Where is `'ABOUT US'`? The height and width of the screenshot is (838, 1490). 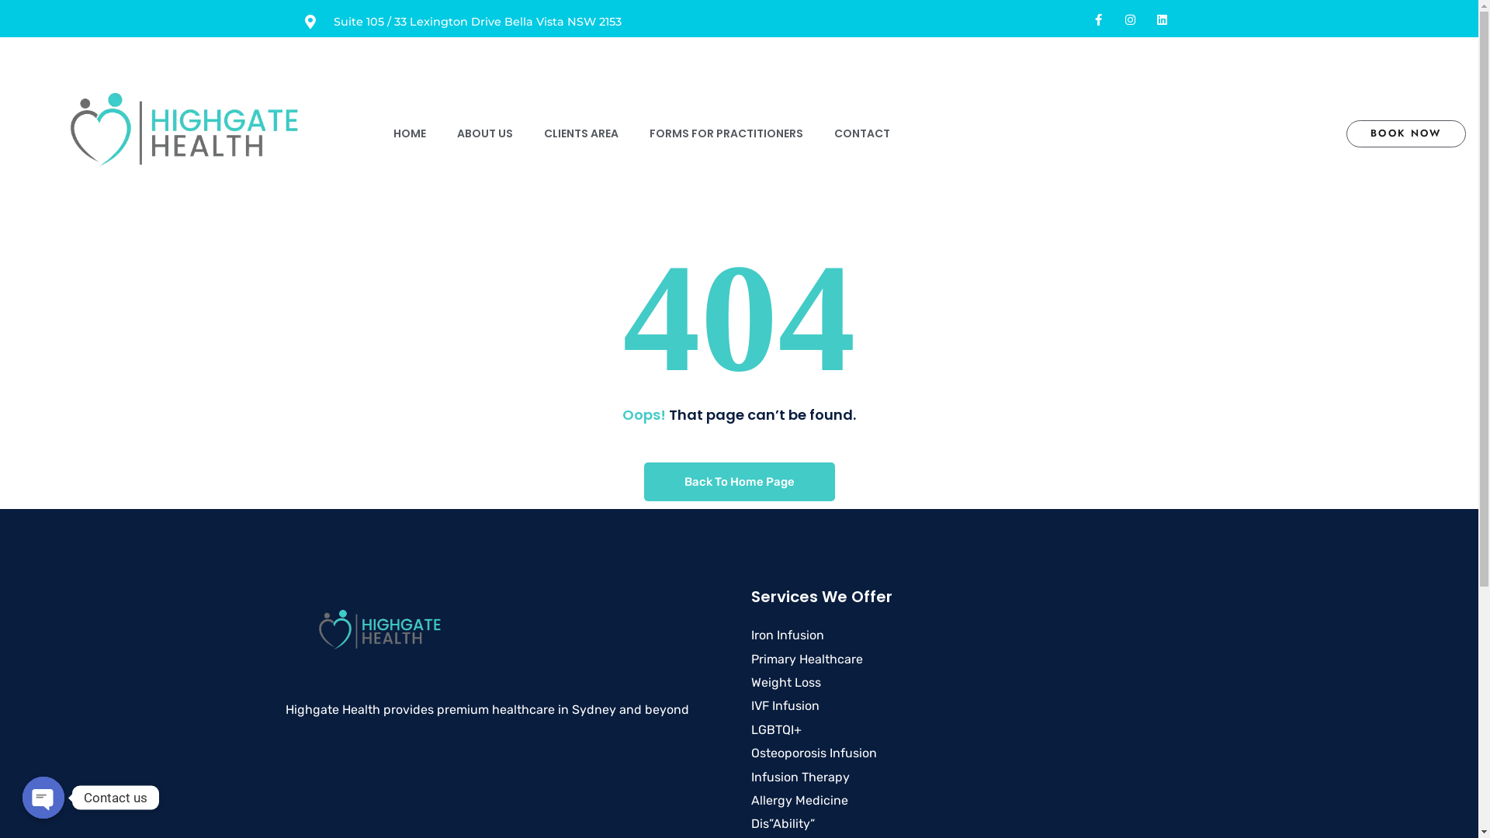 'ABOUT US' is located at coordinates (483, 133).